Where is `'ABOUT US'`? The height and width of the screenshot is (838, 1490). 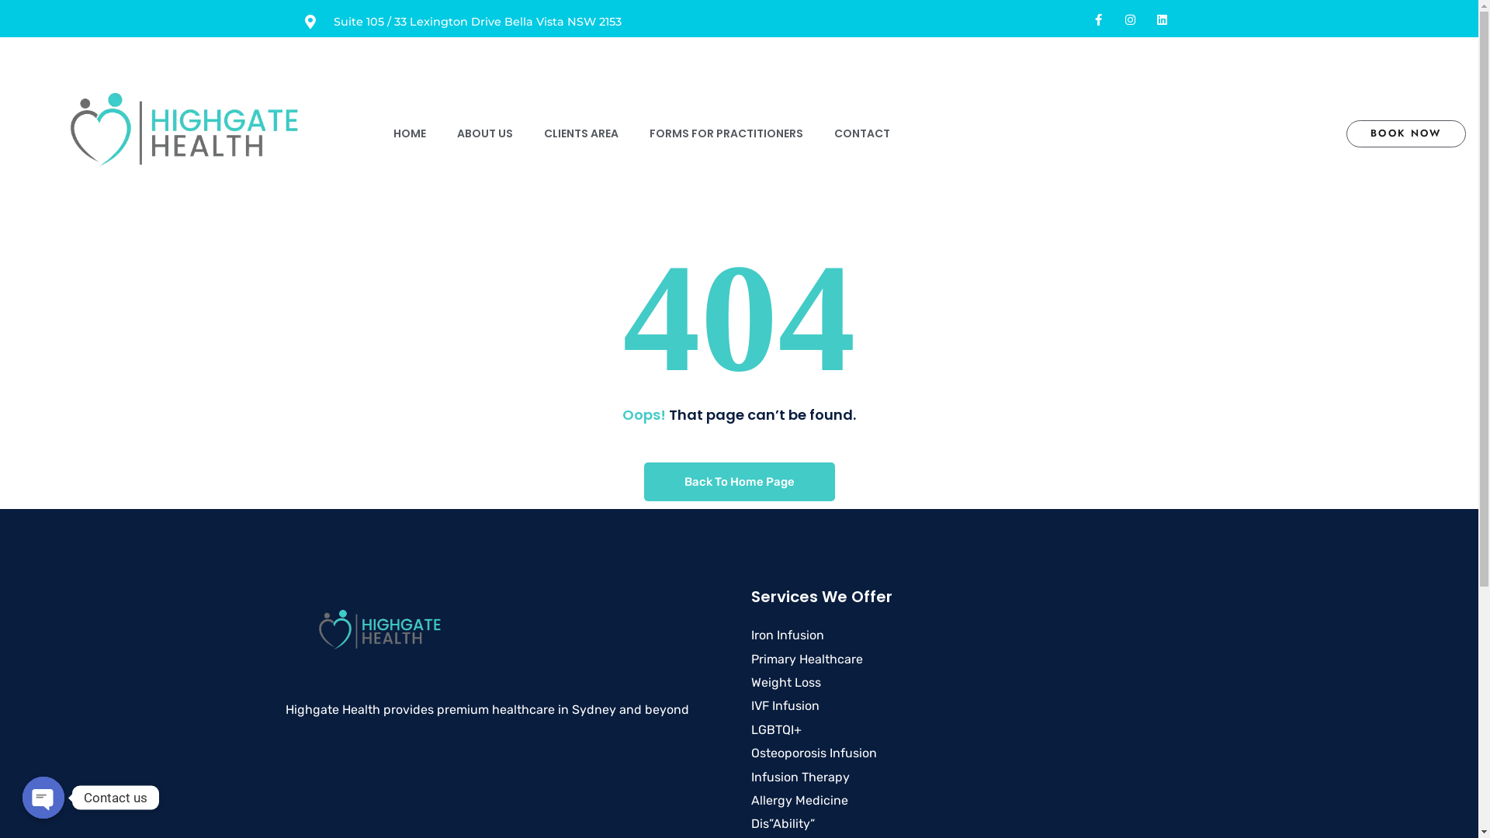 'ABOUT US' is located at coordinates (483, 133).